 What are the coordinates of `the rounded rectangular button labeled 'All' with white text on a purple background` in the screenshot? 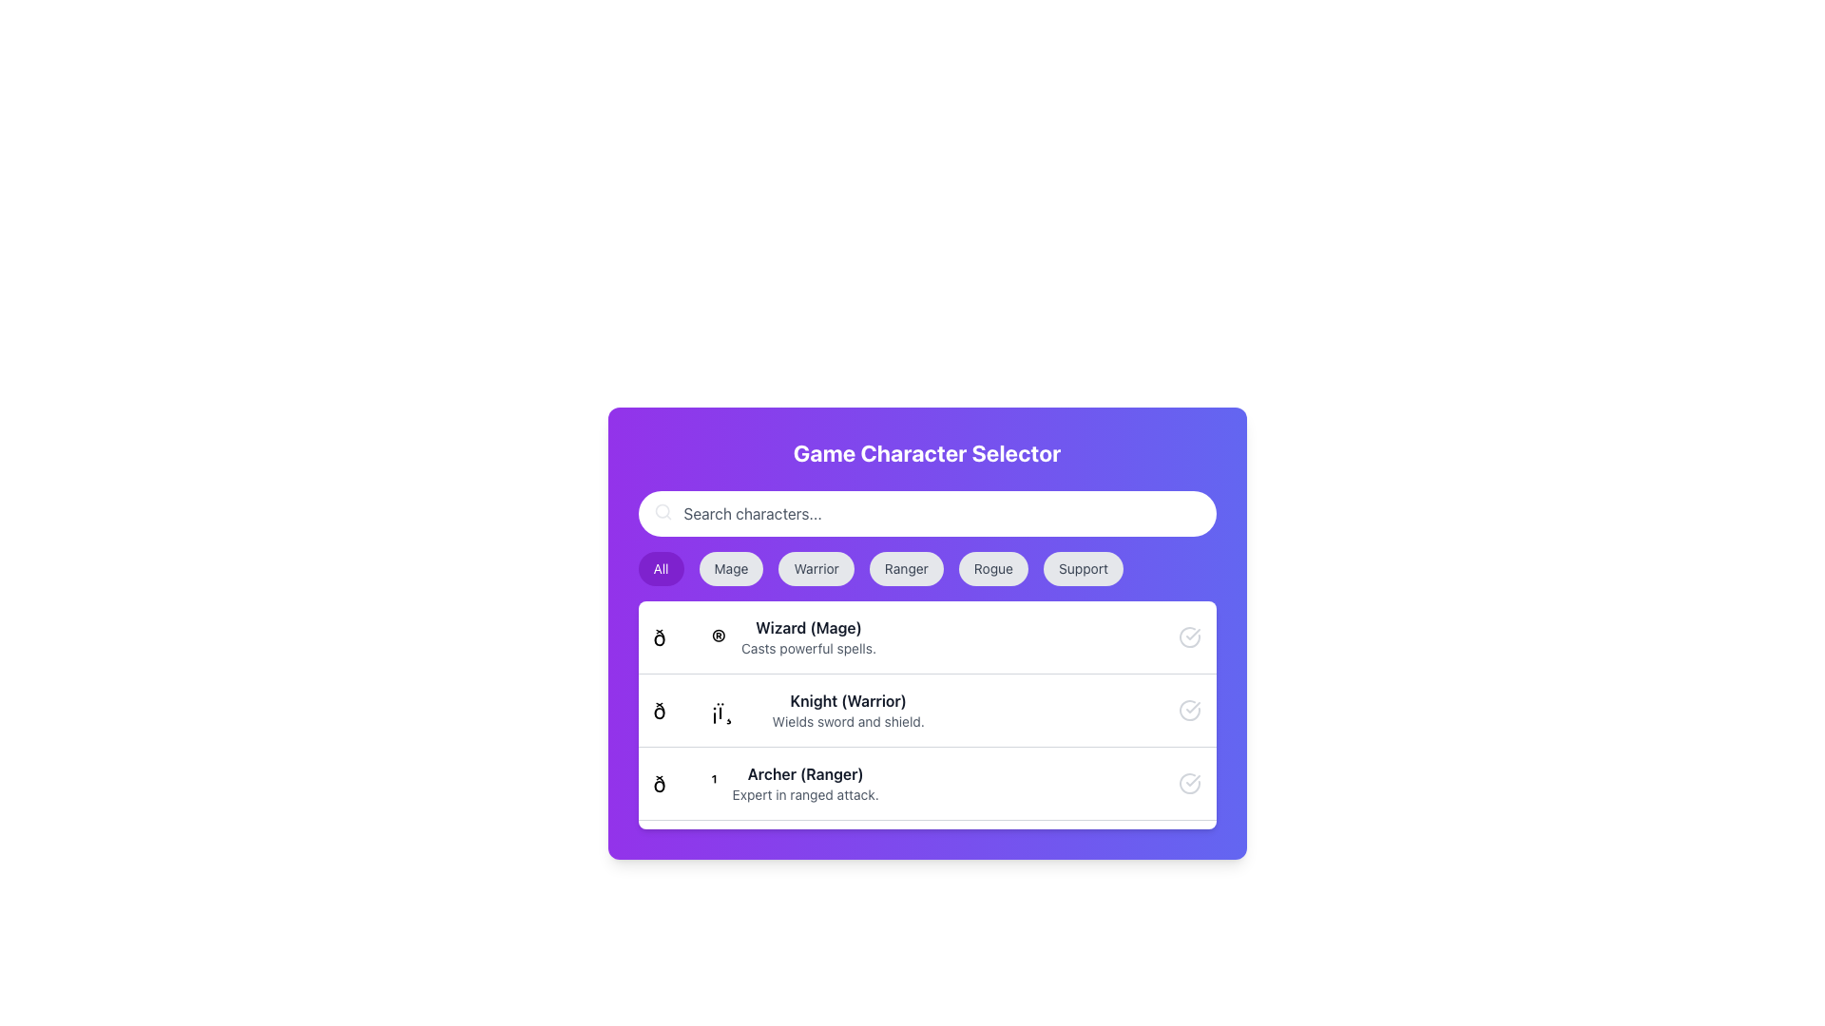 It's located at (661, 567).